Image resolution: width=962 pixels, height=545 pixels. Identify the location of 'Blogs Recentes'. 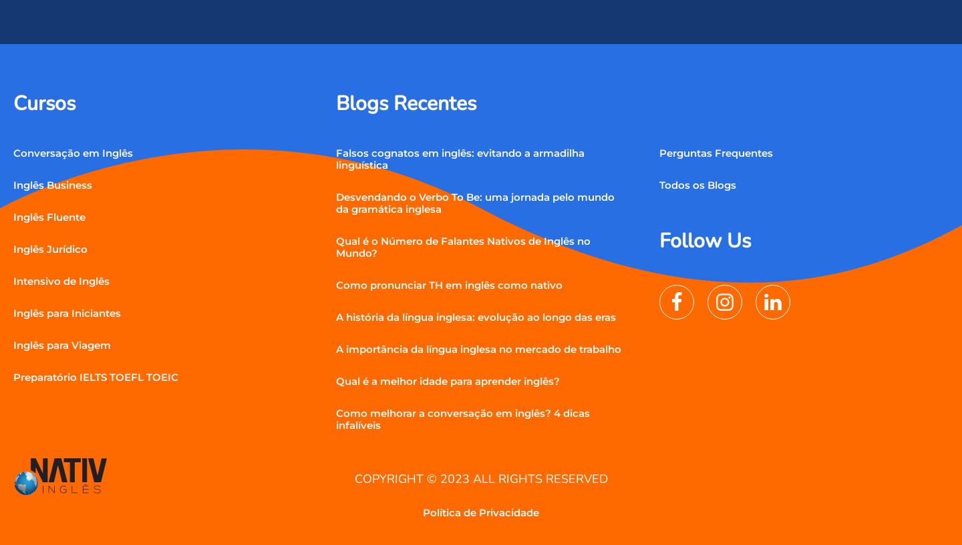
(405, 103).